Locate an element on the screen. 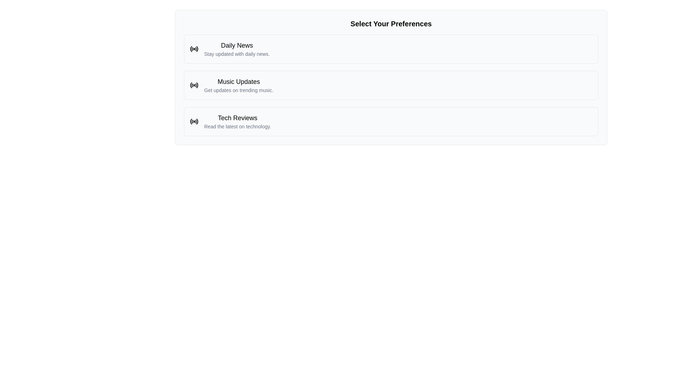  the second button-like selectable card in the list to subscribe to music trend updates is located at coordinates (391, 85).